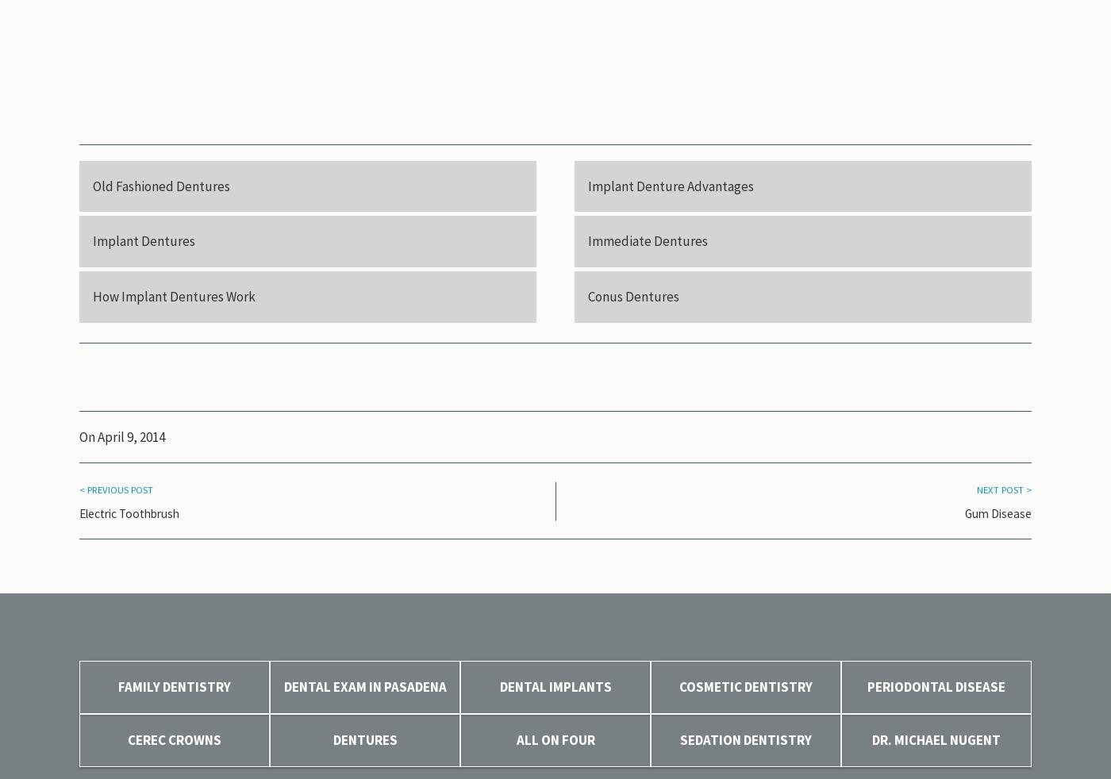 The height and width of the screenshot is (779, 1111). What do you see at coordinates (648, 241) in the screenshot?
I see `'Immediate Dentures'` at bounding box center [648, 241].